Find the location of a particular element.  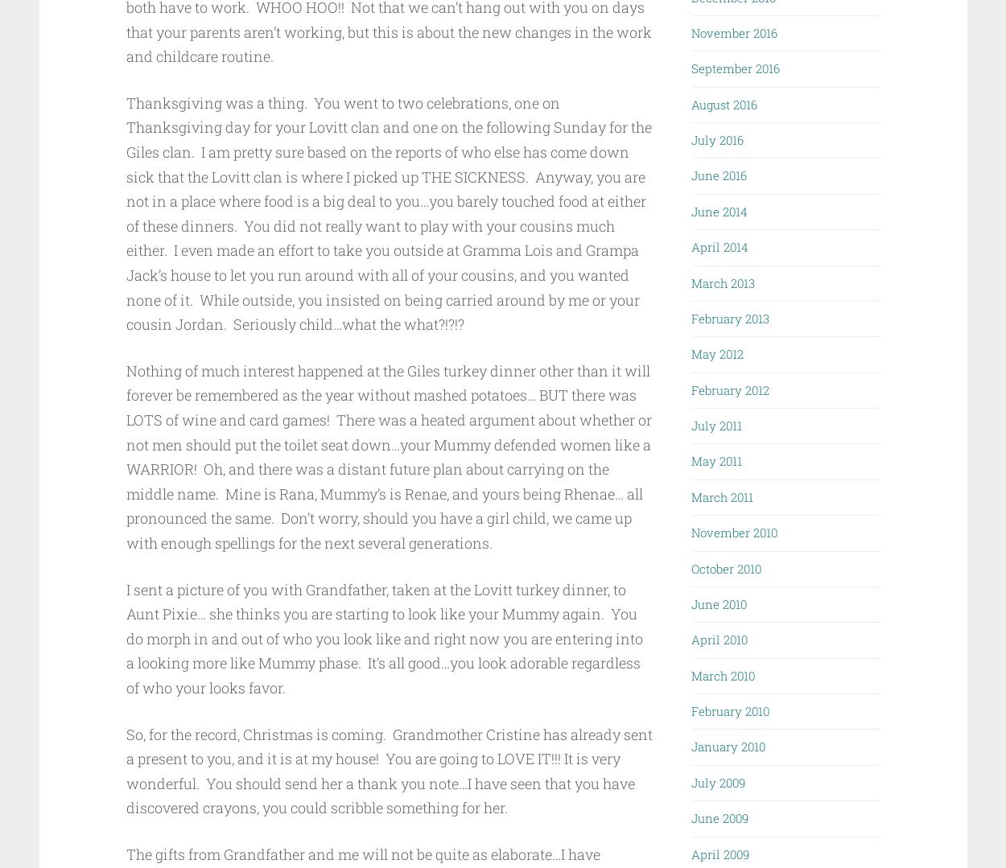

'May 2011' is located at coordinates (716, 459).